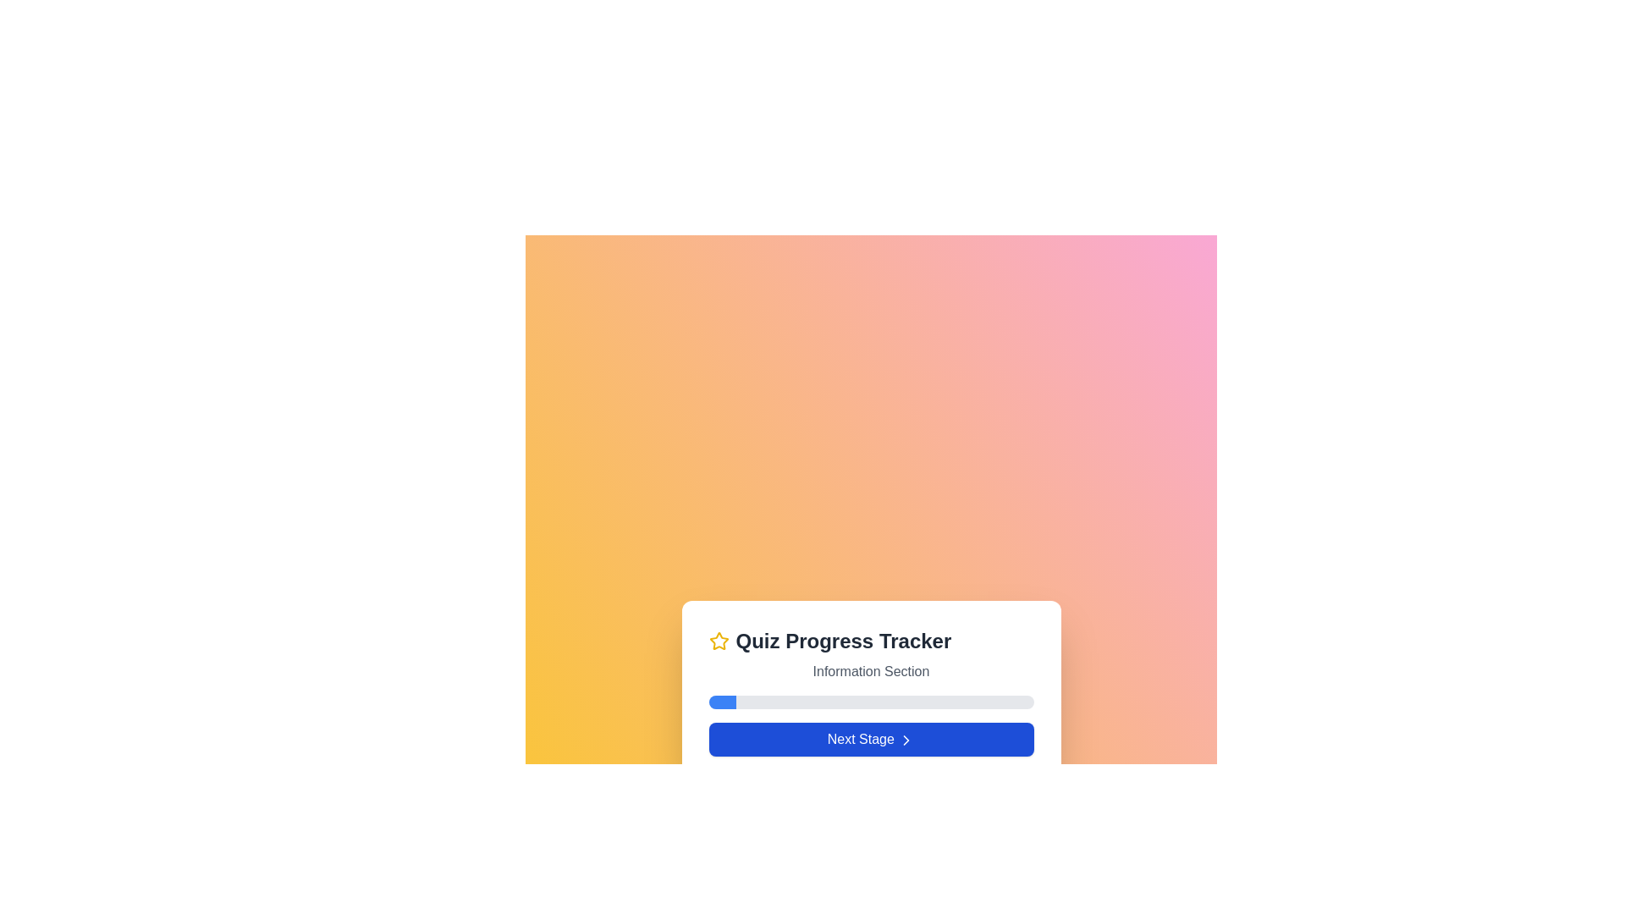 This screenshot has width=1625, height=914. What do you see at coordinates (871, 671) in the screenshot?
I see `the 'Information Section' text label, which is a medium-sized gray font element located below the 'Quiz Progress Tracker' heading in the card interface` at bounding box center [871, 671].